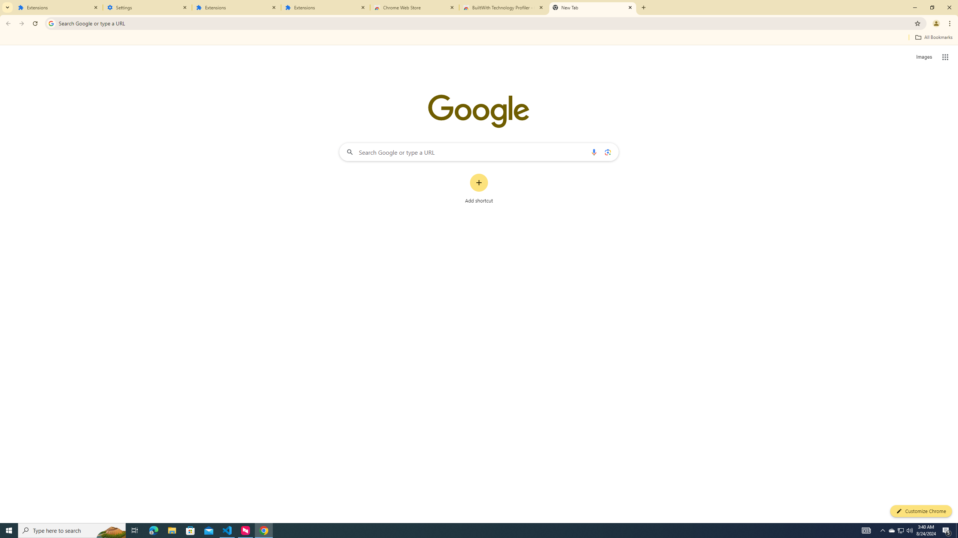 The height and width of the screenshot is (538, 958). I want to click on 'Settings', so click(147, 7).